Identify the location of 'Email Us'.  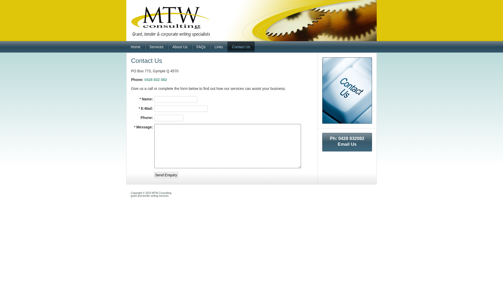
(347, 144).